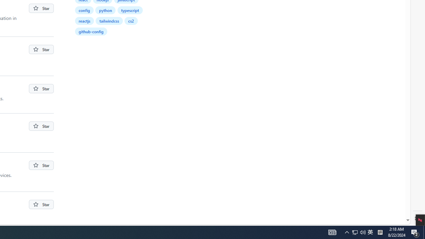 The height and width of the screenshot is (239, 425). What do you see at coordinates (131, 20) in the screenshot?
I see `'cs2'` at bounding box center [131, 20].